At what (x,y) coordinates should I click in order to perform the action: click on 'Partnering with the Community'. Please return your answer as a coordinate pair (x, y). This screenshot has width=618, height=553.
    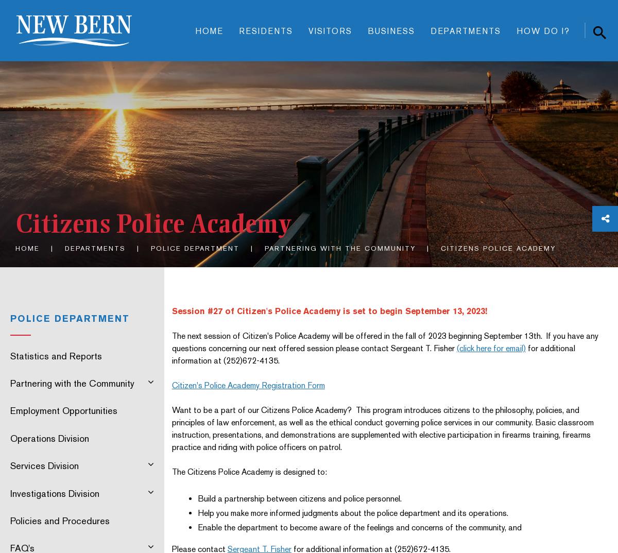
    Looking at the image, I should click on (340, 248).